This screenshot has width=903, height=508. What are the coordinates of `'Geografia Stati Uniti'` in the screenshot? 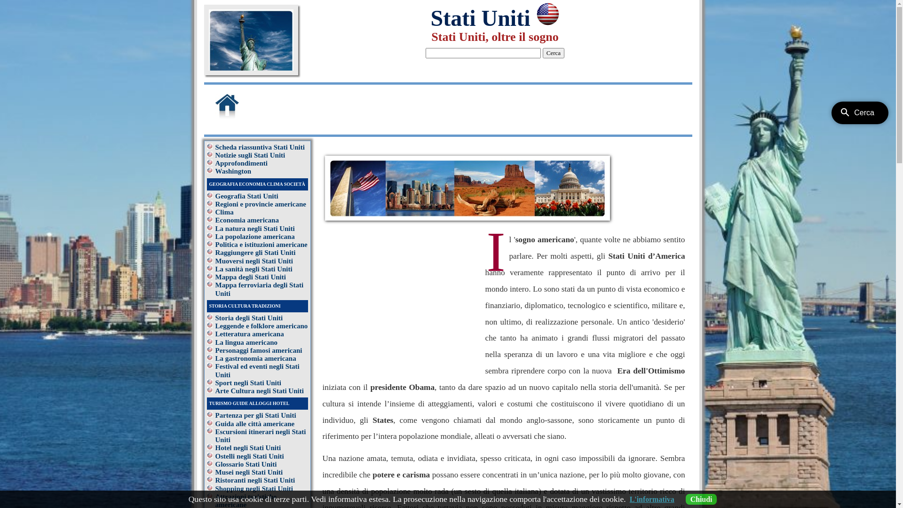 It's located at (246, 195).